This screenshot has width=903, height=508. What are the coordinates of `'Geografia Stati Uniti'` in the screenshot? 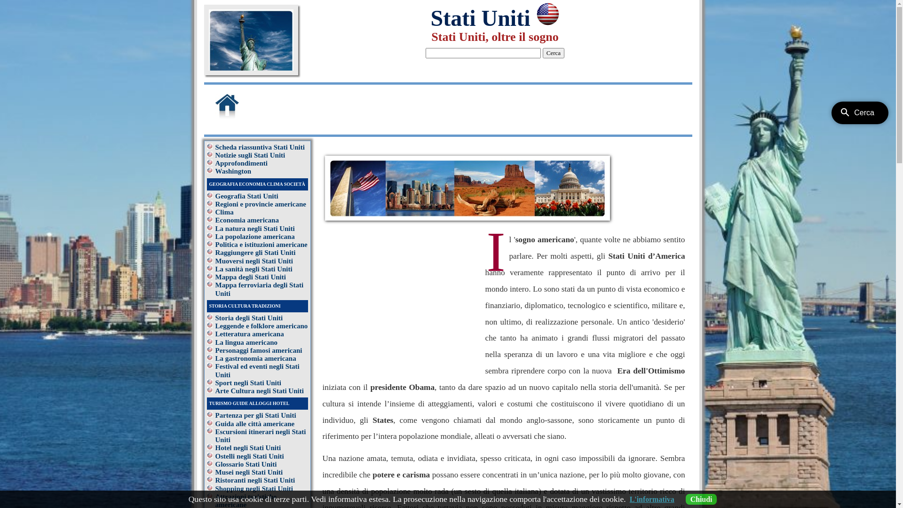 It's located at (246, 195).